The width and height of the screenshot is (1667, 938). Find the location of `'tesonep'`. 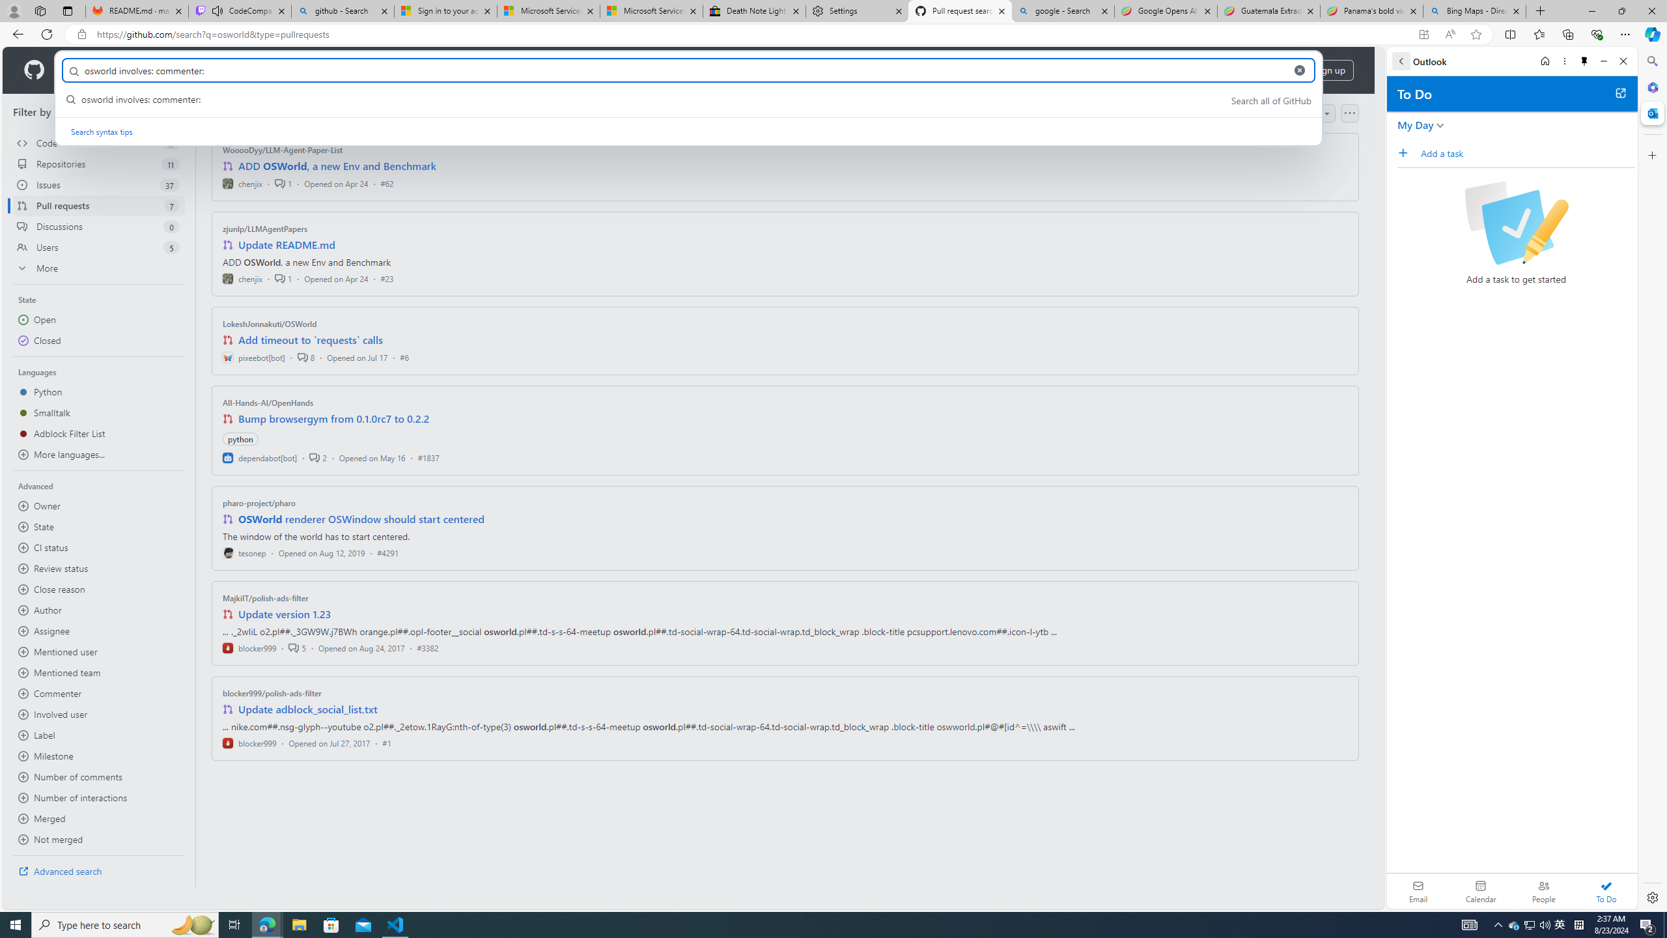

'tesonep' is located at coordinates (244, 552).